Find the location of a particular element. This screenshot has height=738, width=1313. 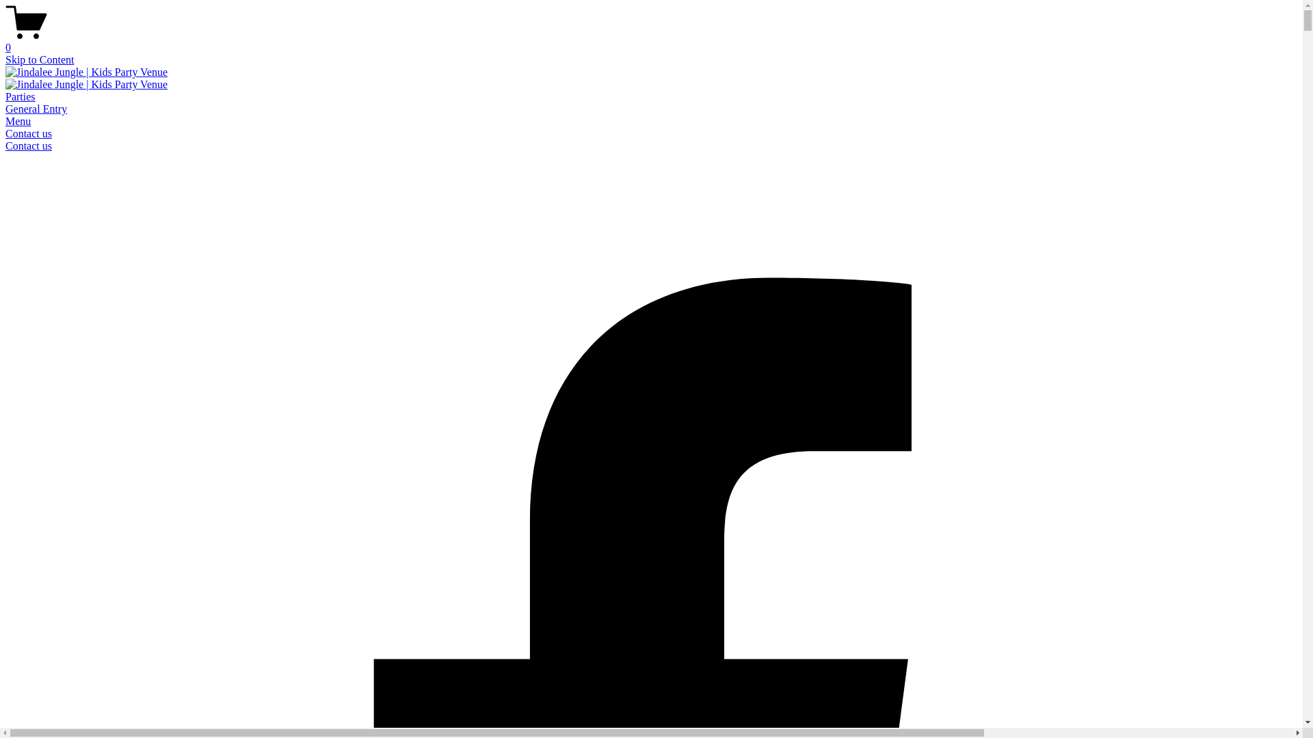

'Menu' is located at coordinates (5, 120).